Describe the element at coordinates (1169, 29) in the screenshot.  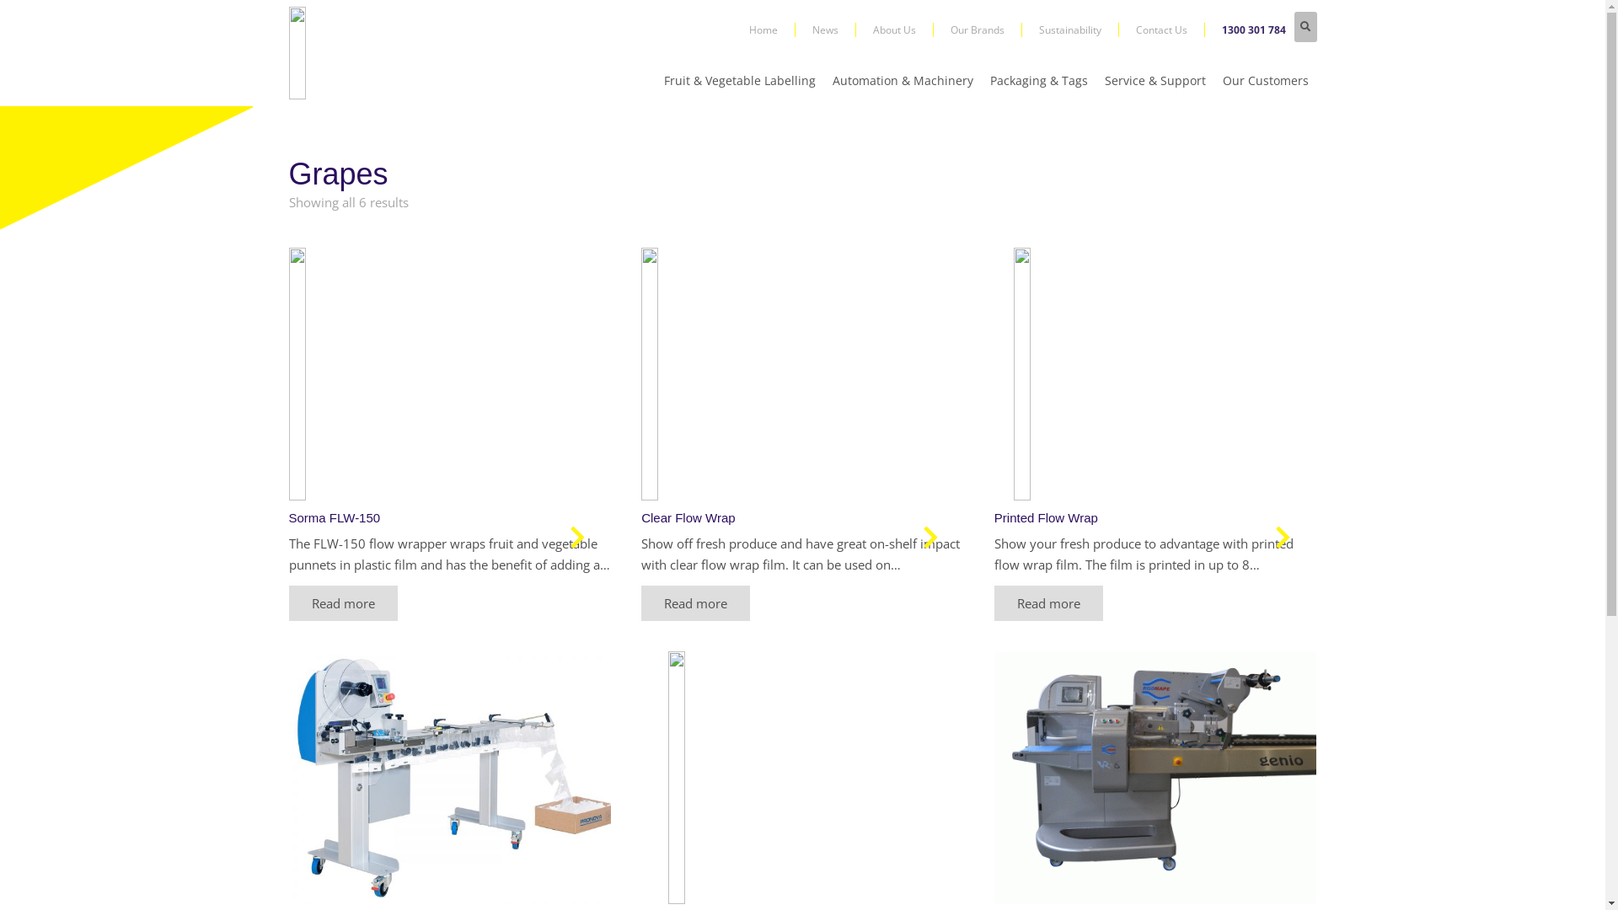
I see `'Contact Us'` at that location.